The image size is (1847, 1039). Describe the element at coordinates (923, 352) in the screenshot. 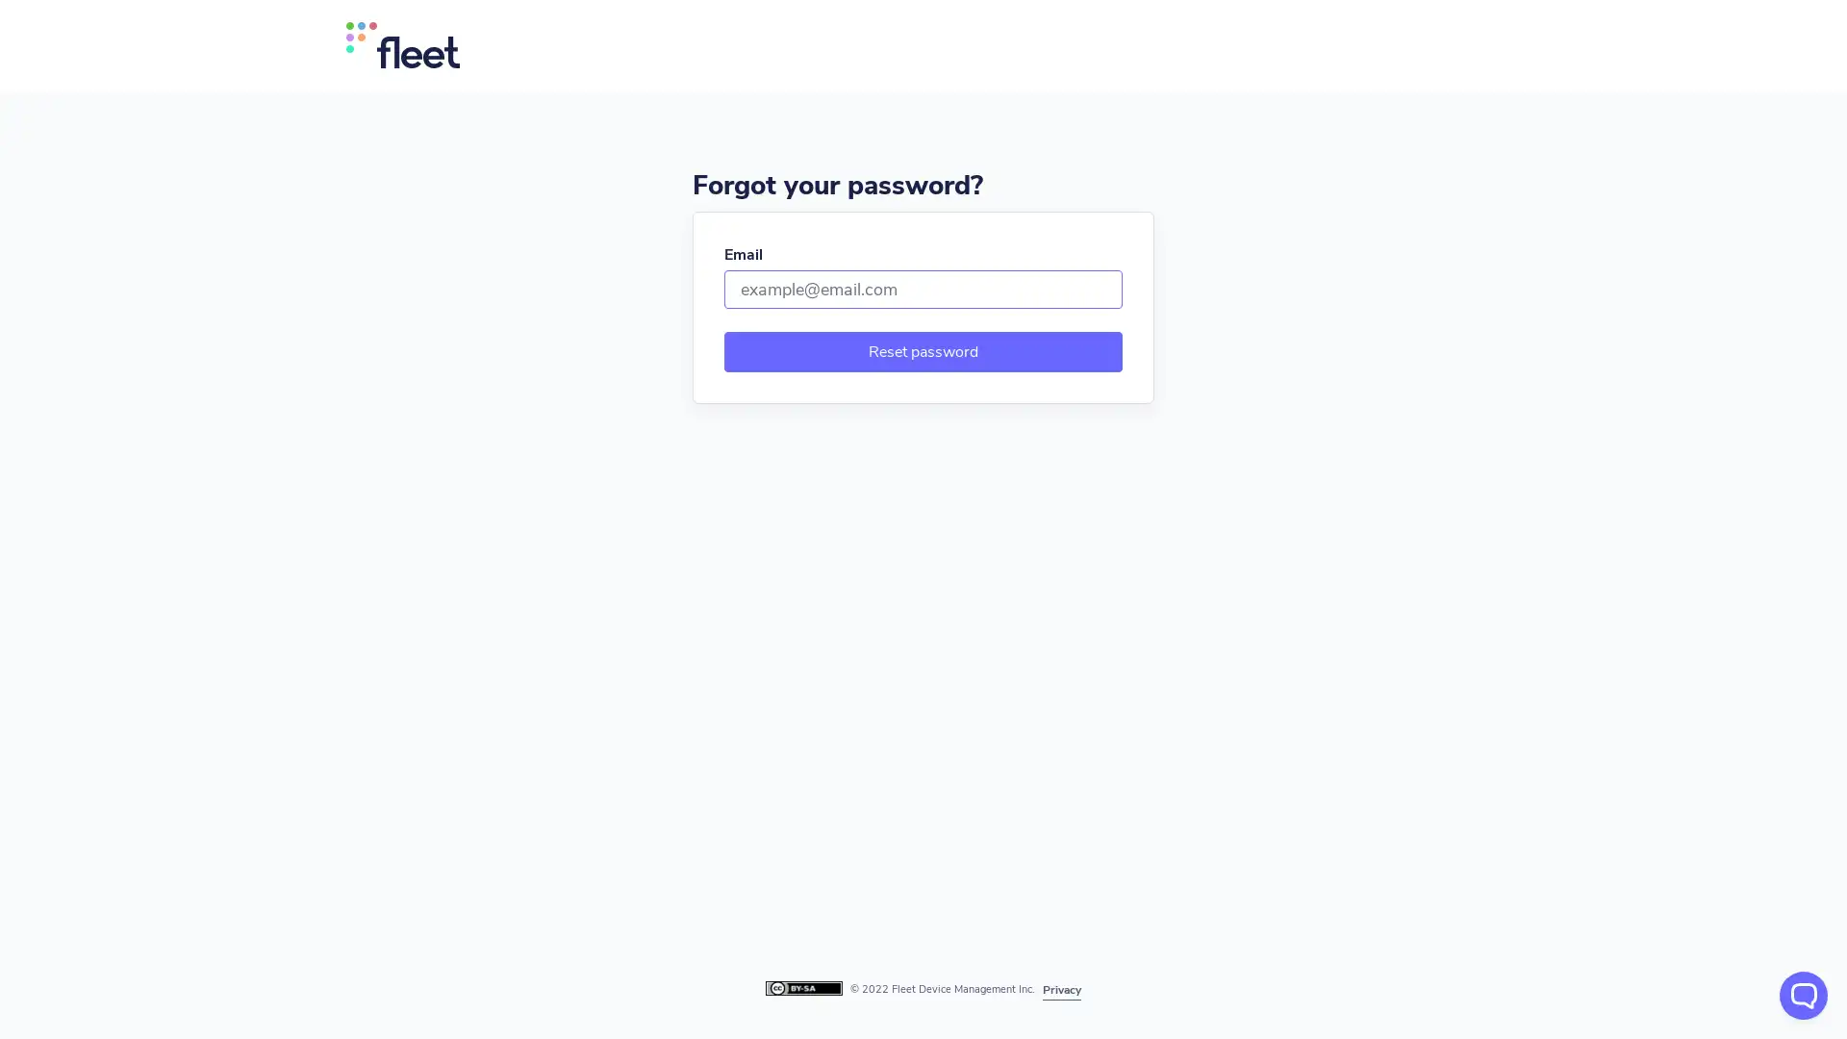

I see `Reset password` at that location.